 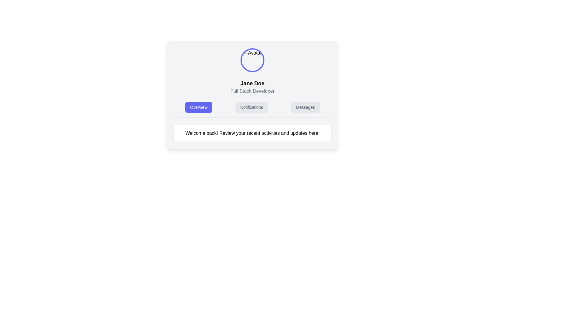 What do you see at coordinates (252, 91) in the screenshot?
I see `the static text label that reads 'Full Stack Developer', which is styled with a light gray font color and positioned below the name 'Jane Doe' in the profile card` at bounding box center [252, 91].